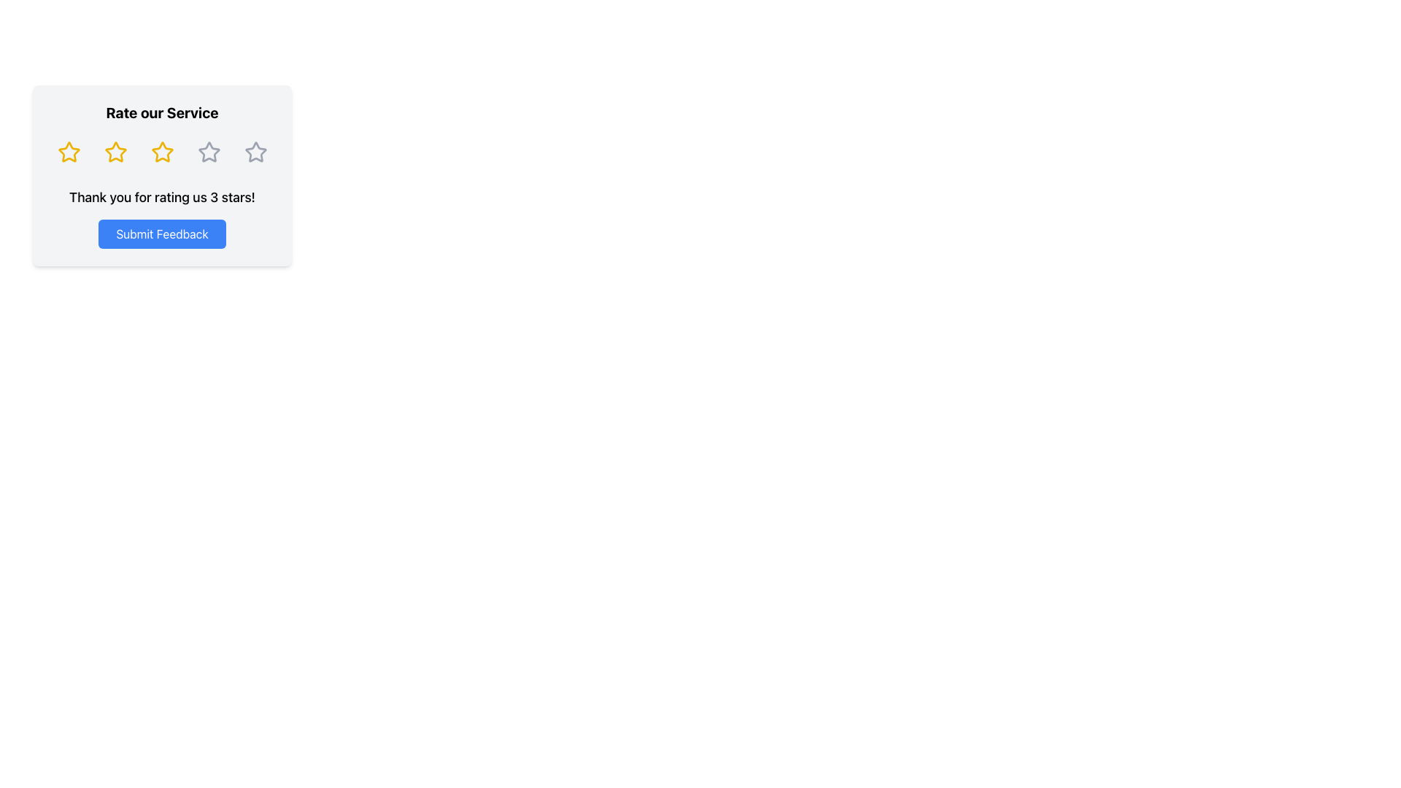 This screenshot has height=788, width=1401. What do you see at coordinates (162, 197) in the screenshot?
I see `the text label that acknowledges the user's rating of 3 stars, which is positioned above the 'Submit Feedback' button` at bounding box center [162, 197].